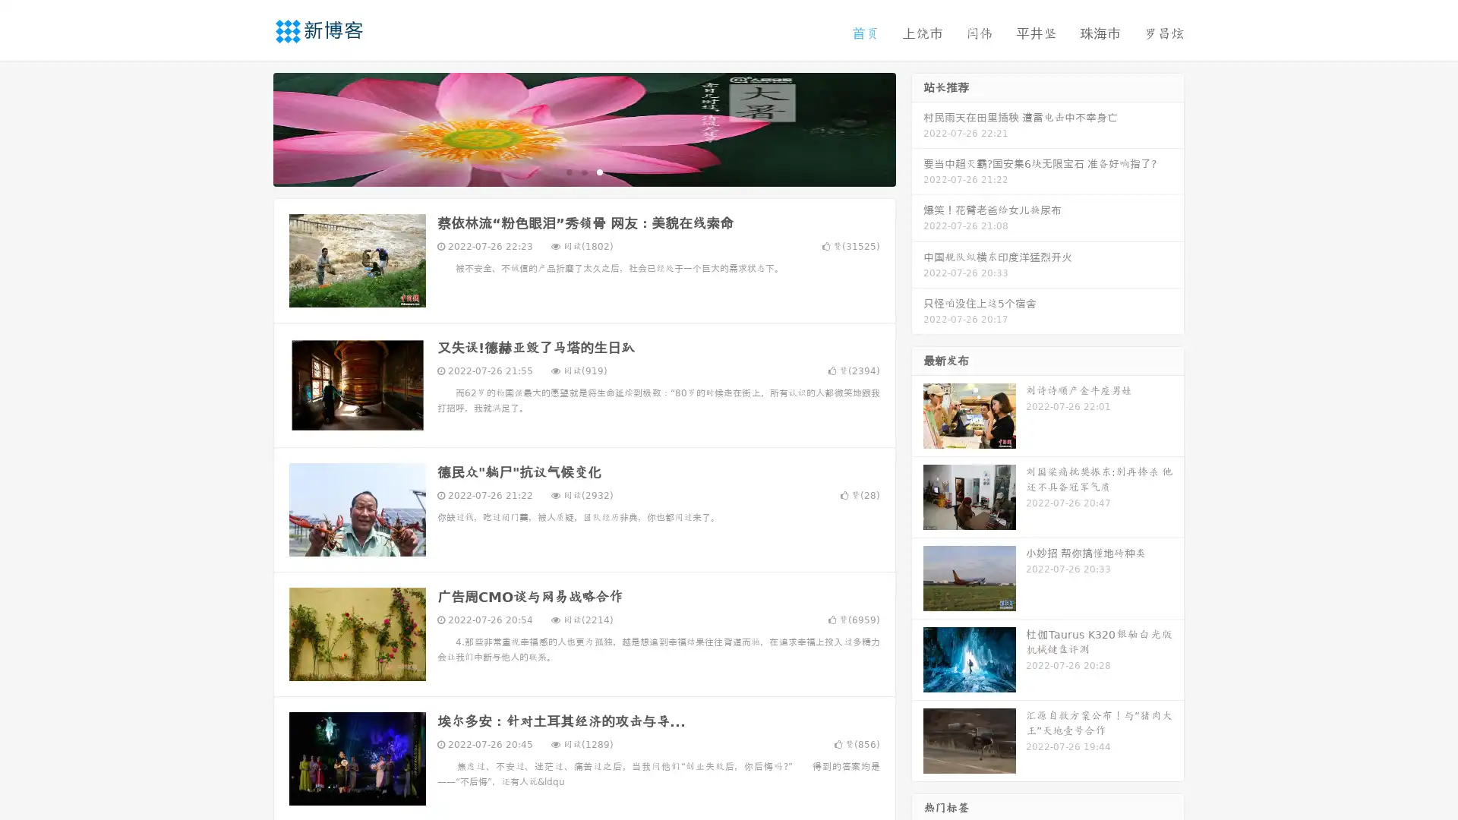  Describe the element at coordinates (917, 128) in the screenshot. I see `Next slide` at that location.